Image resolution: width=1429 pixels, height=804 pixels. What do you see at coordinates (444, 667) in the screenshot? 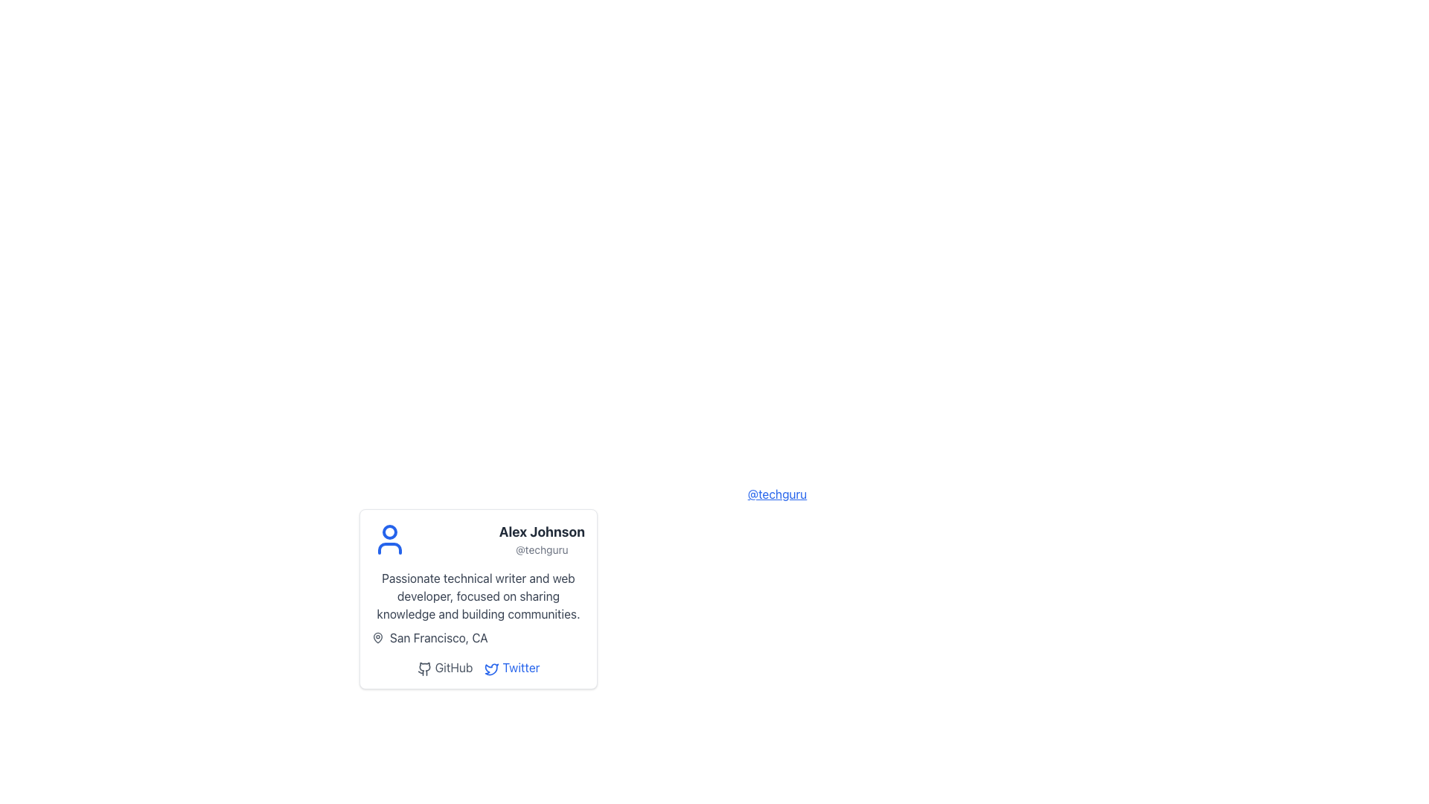
I see `the 'GitHub' hyperlink, which is the first link in a horizontal series at the bottom of the user profile card` at bounding box center [444, 667].